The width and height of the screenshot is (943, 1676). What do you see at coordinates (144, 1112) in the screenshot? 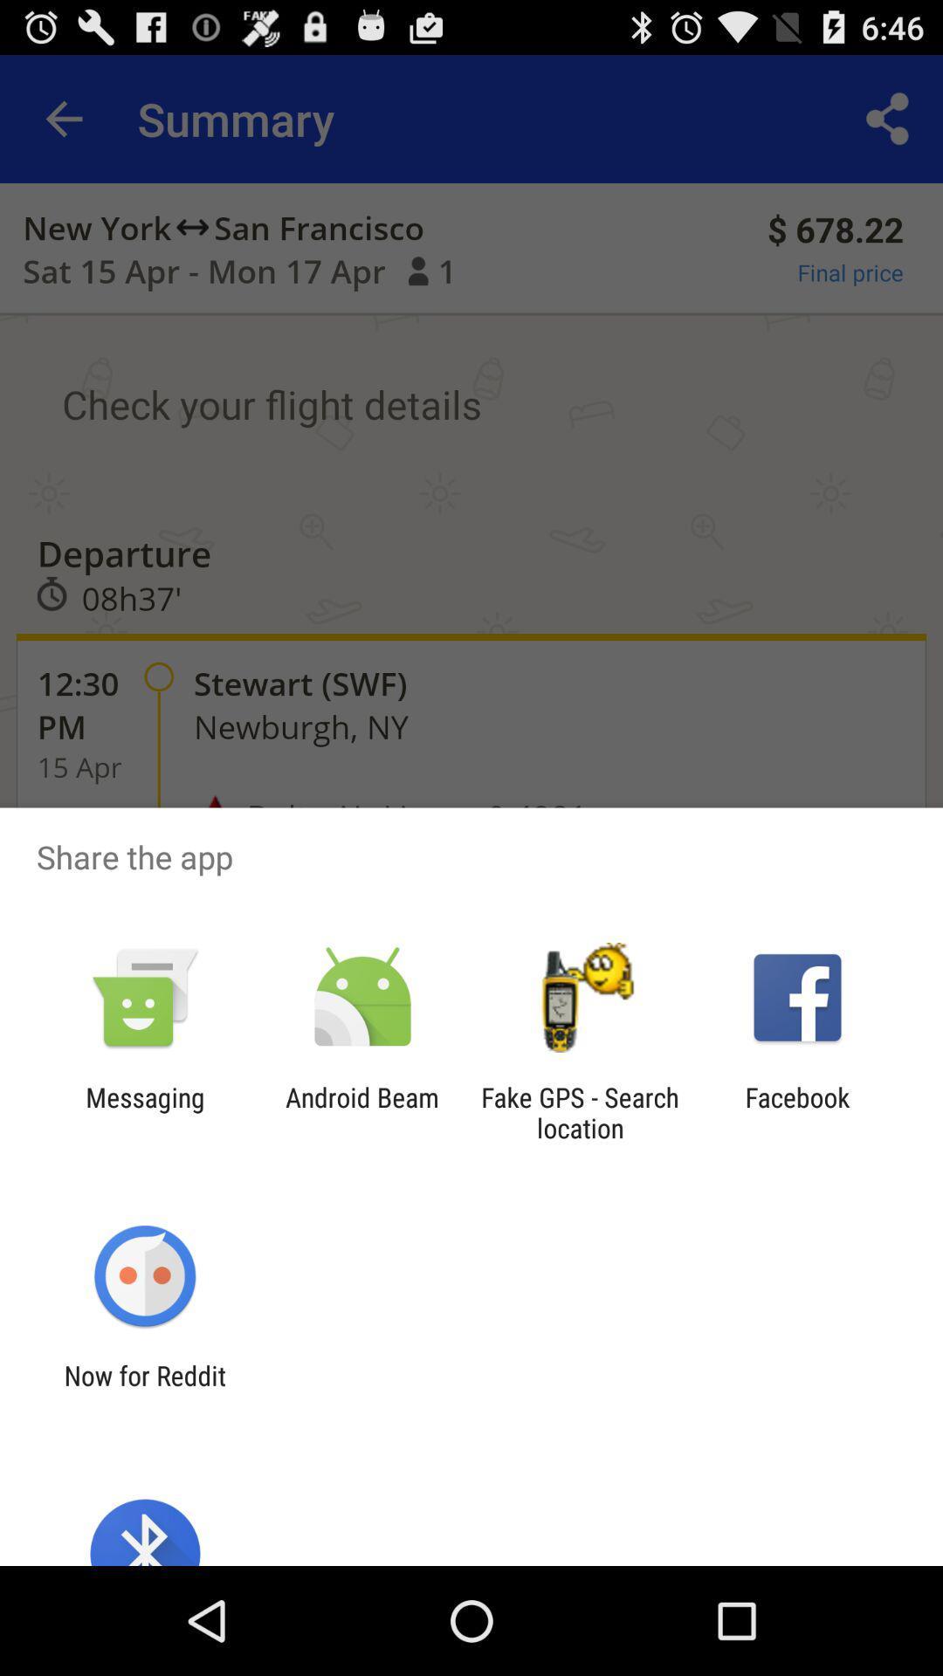
I see `the item next to android beam` at bounding box center [144, 1112].